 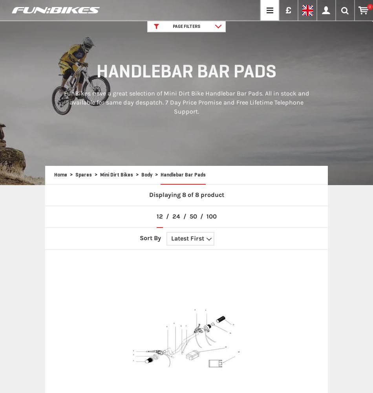 I want to click on '0', so click(x=369, y=7).